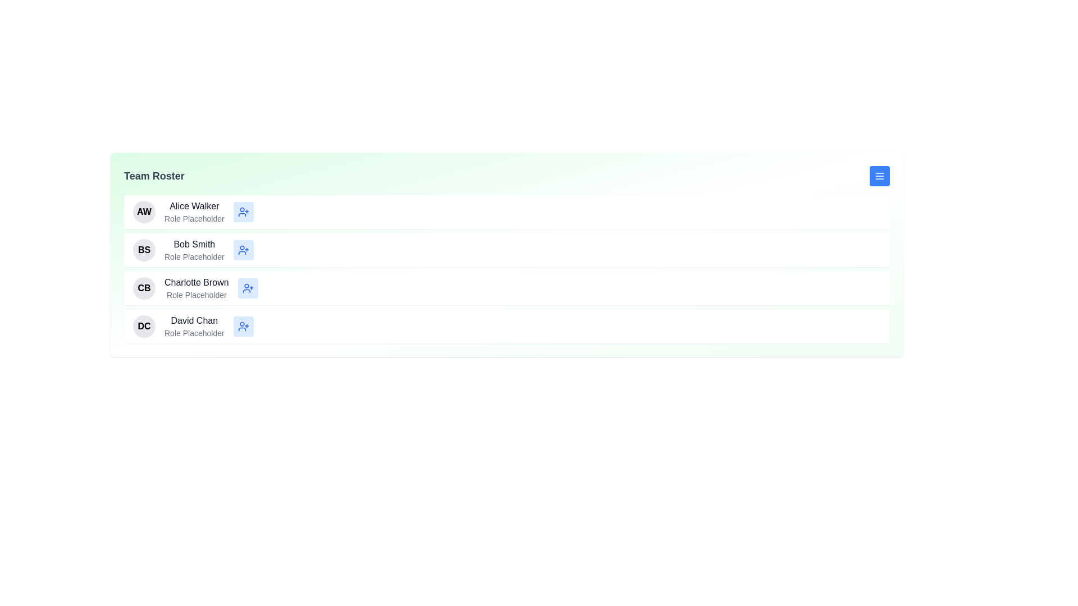  I want to click on displayed text from the text label identifying 'Alice Walker', the first team member in the roster of the 'Team Roster' section, so click(194, 206).